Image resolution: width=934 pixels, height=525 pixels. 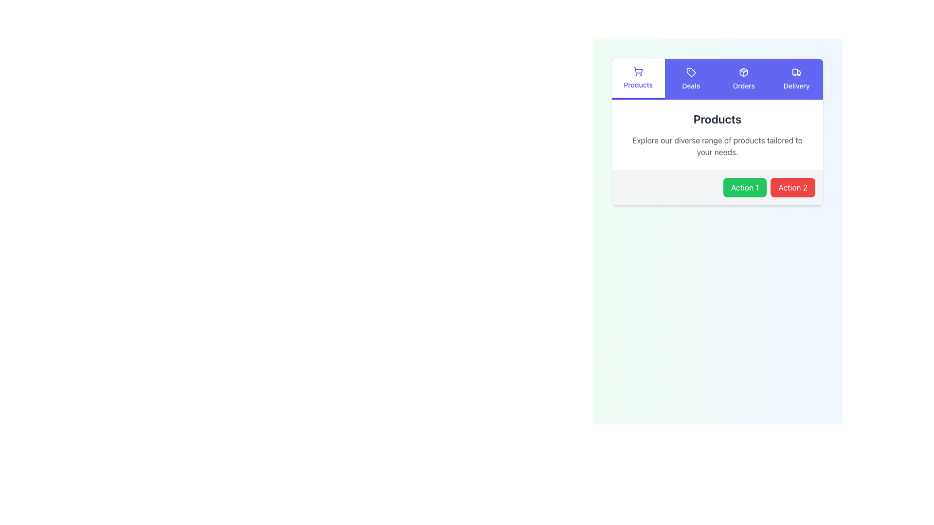 What do you see at coordinates (690, 86) in the screenshot?
I see `the 'Deals' text label located in the navigation menu, which is the second item from the left, following 'Products' and preceding 'Orders' and 'Delivery'` at bounding box center [690, 86].